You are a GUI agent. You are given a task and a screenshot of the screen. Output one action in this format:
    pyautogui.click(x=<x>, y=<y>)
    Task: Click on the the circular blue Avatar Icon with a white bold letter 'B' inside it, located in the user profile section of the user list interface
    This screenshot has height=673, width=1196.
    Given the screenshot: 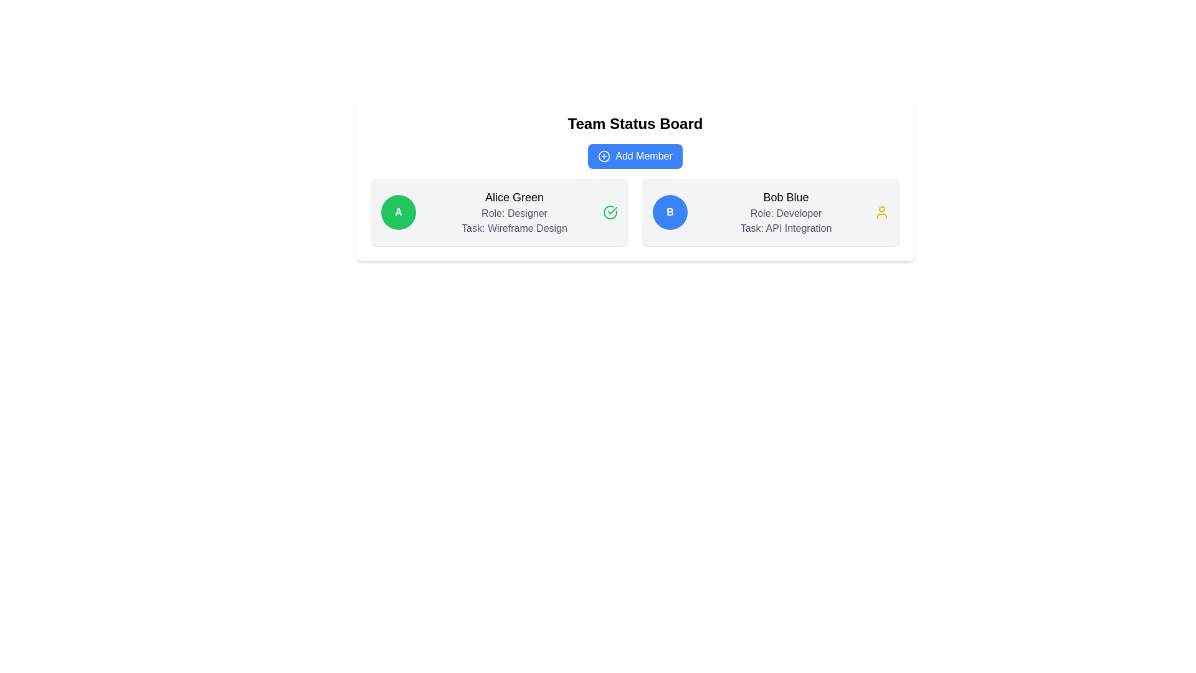 What is the action you would take?
    pyautogui.click(x=669, y=211)
    